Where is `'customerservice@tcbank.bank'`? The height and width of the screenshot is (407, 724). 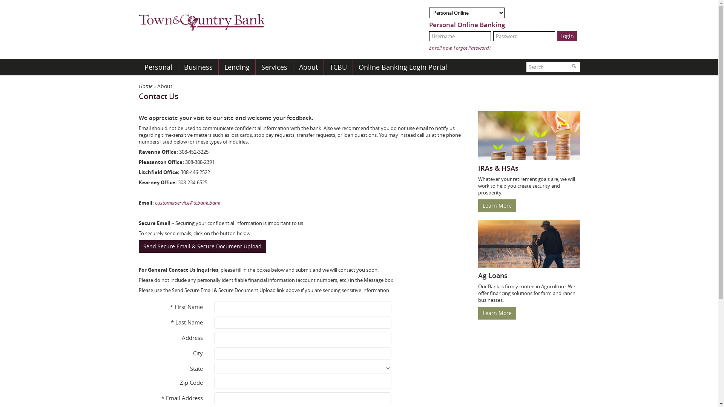
'customerservice@tcbank.bank' is located at coordinates (154, 202).